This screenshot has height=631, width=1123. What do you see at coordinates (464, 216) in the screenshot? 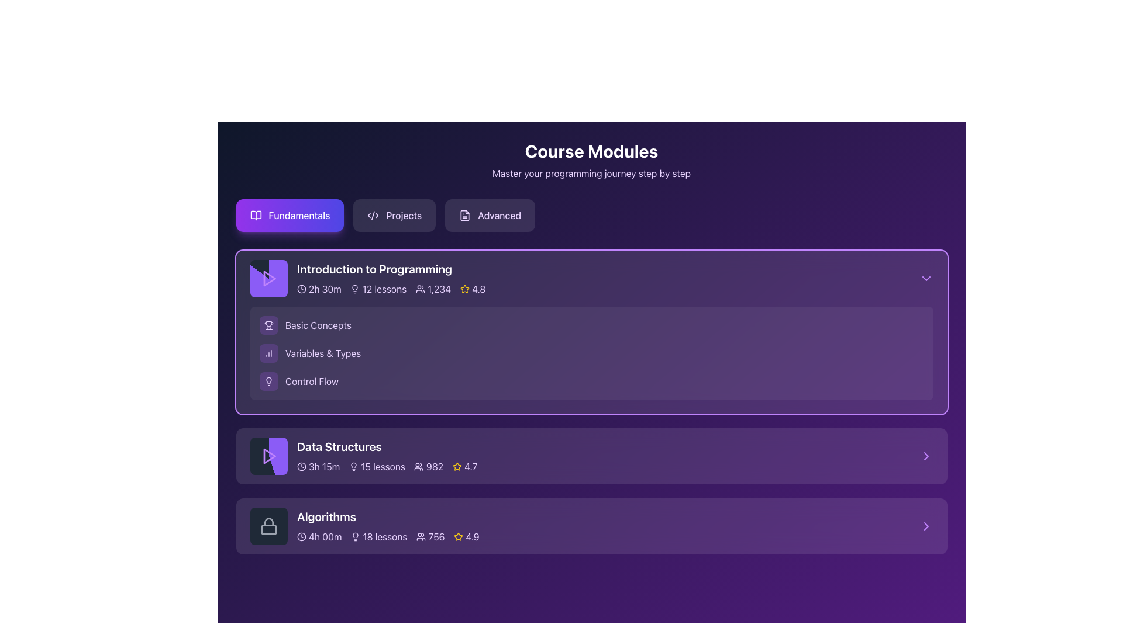
I see `the 'Advanced' icon located in the navigation bar, which is the third icon in a sequence of three icons` at bounding box center [464, 216].